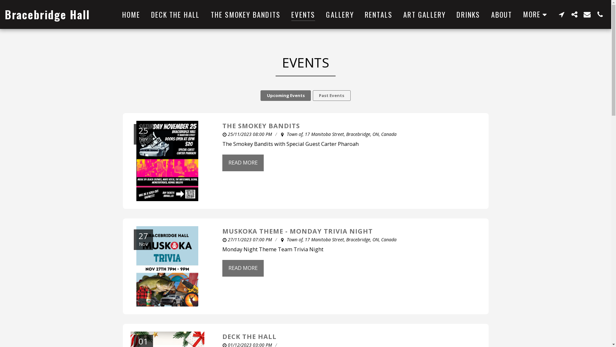  Describe the element at coordinates (222, 268) in the screenshot. I see `'READ MORE'` at that location.